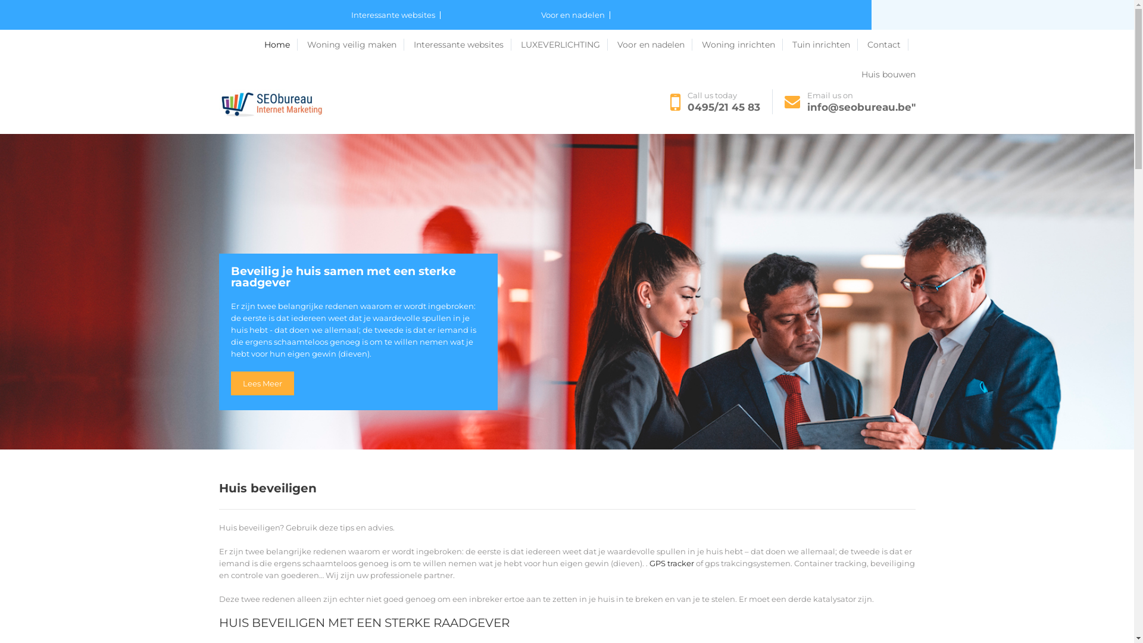 This screenshot has height=643, width=1143. I want to click on 'Huis bouwen', so click(860, 74).